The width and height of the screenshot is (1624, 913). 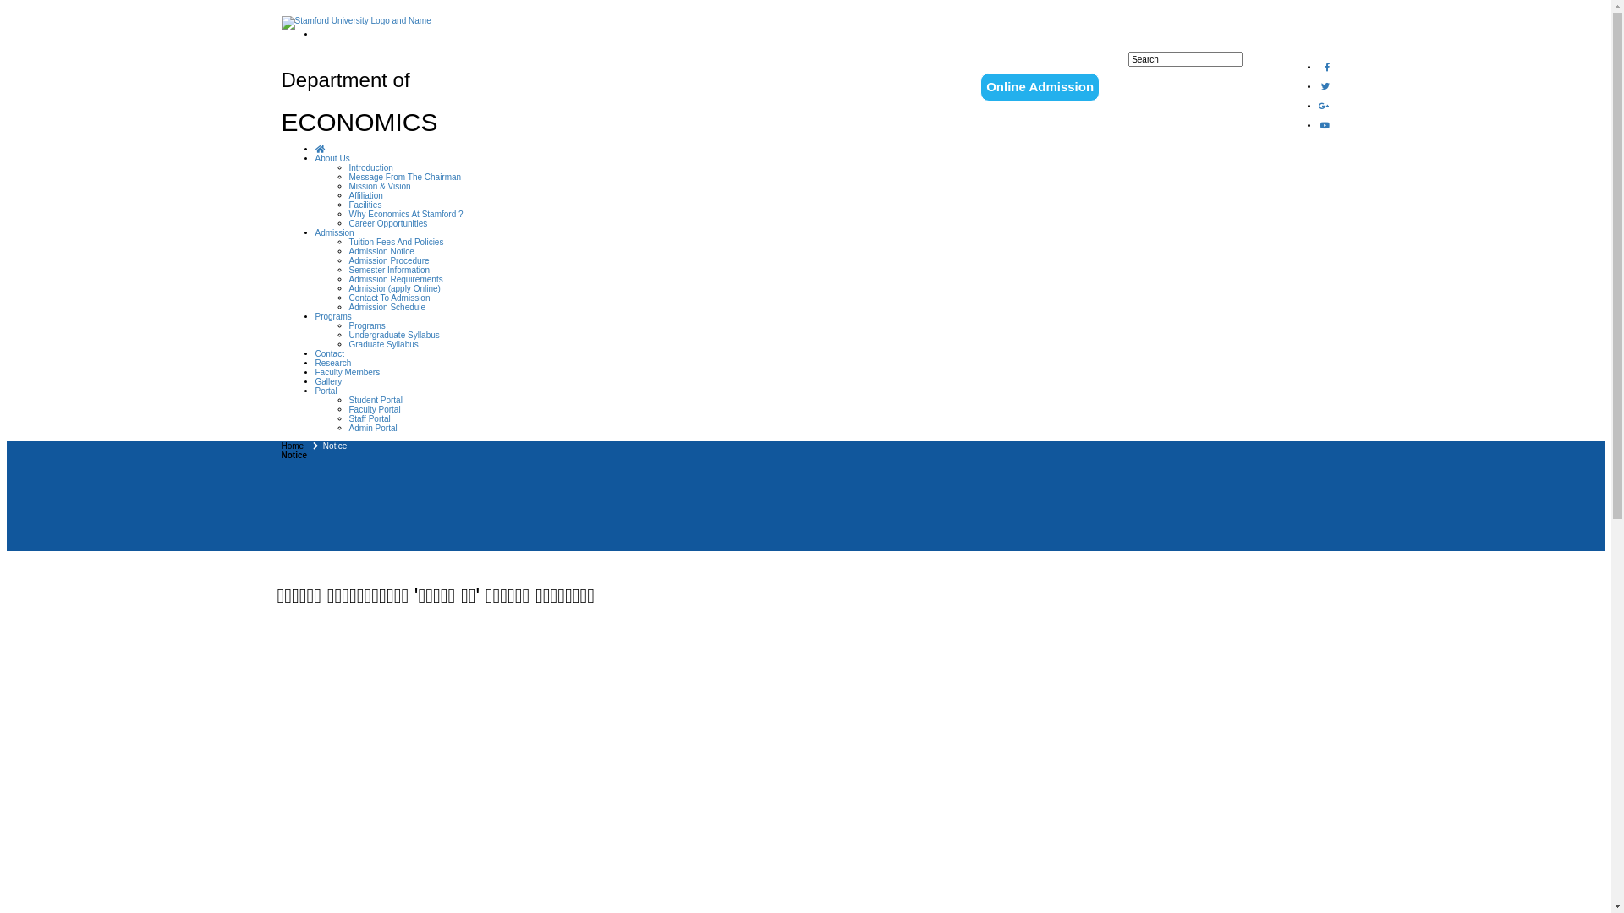 What do you see at coordinates (315, 362) in the screenshot?
I see `'Research'` at bounding box center [315, 362].